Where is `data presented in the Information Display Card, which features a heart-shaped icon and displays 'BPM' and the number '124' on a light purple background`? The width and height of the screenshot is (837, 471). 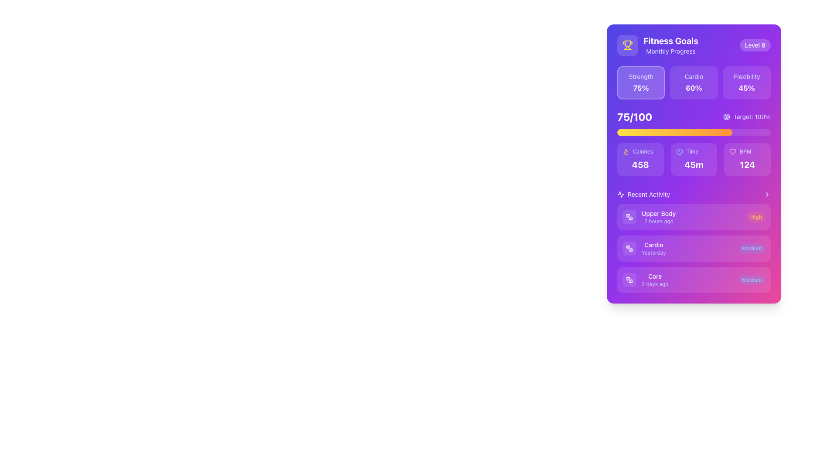 data presented in the Information Display Card, which features a heart-shaped icon and displays 'BPM' and the number '124' on a light purple background is located at coordinates (747, 160).